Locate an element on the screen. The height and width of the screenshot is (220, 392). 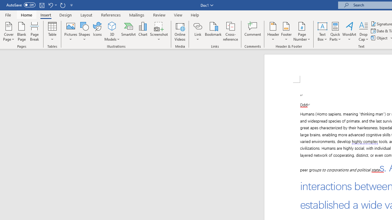
'Online Videos...' is located at coordinates (180, 31).